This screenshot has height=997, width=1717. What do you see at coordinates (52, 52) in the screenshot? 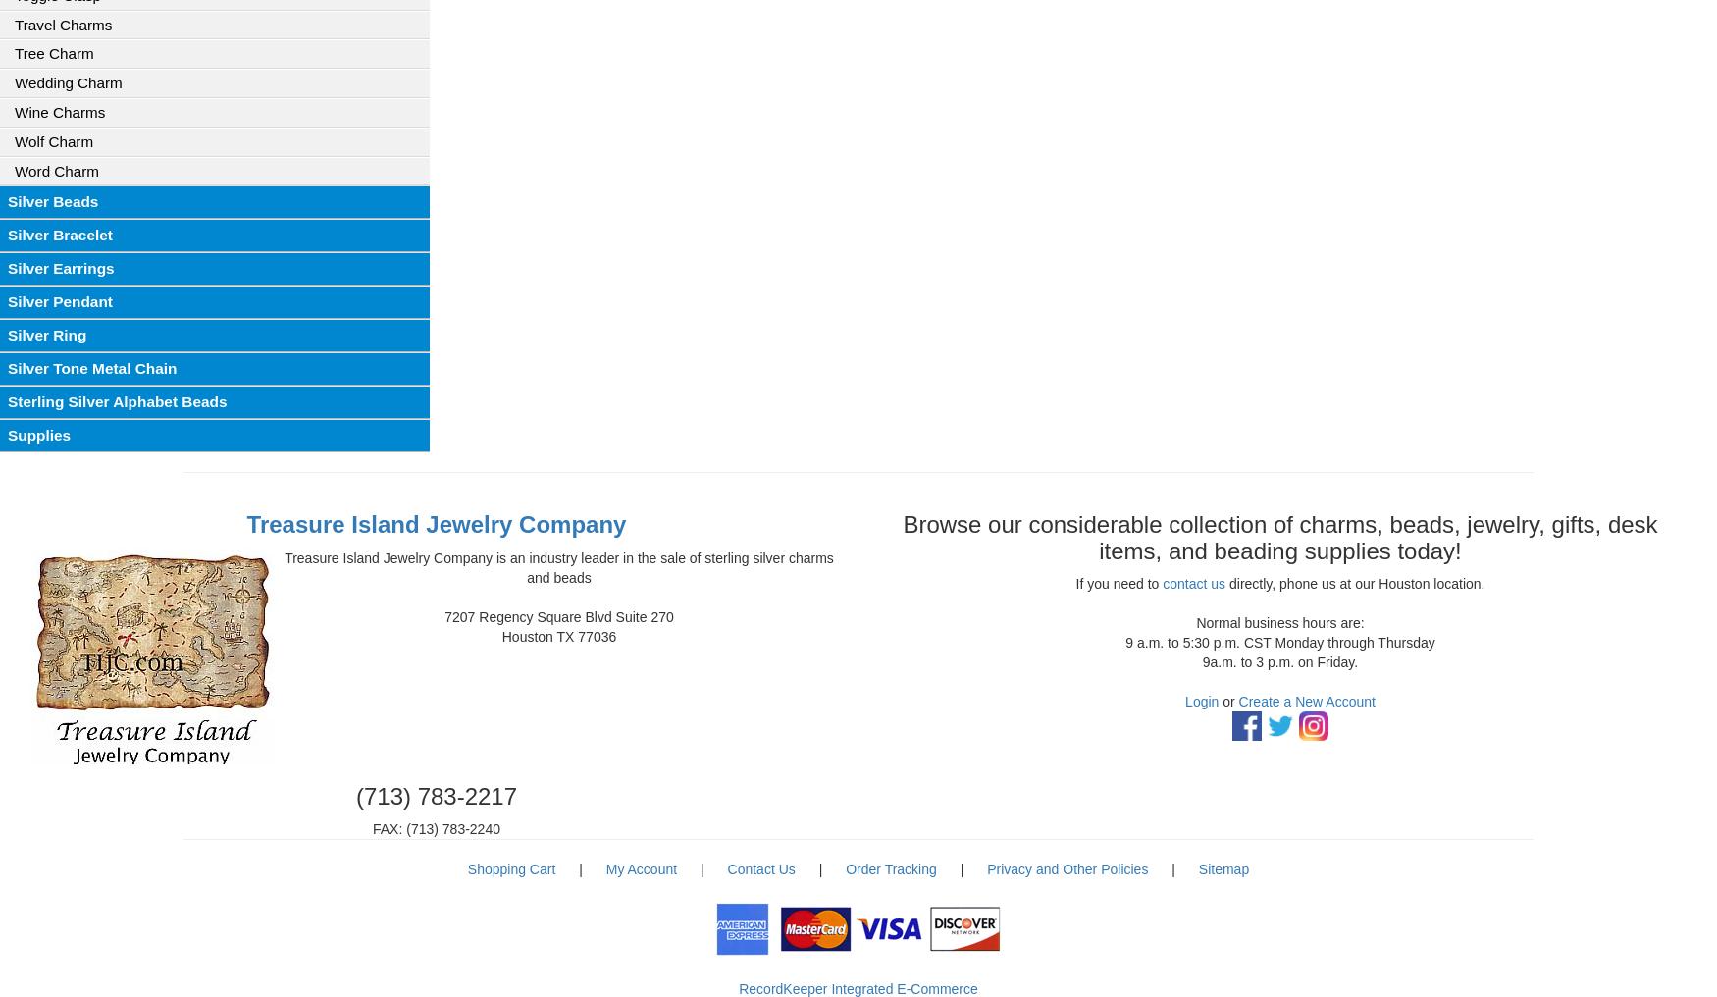
I see `'Tree Charm'` at bounding box center [52, 52].